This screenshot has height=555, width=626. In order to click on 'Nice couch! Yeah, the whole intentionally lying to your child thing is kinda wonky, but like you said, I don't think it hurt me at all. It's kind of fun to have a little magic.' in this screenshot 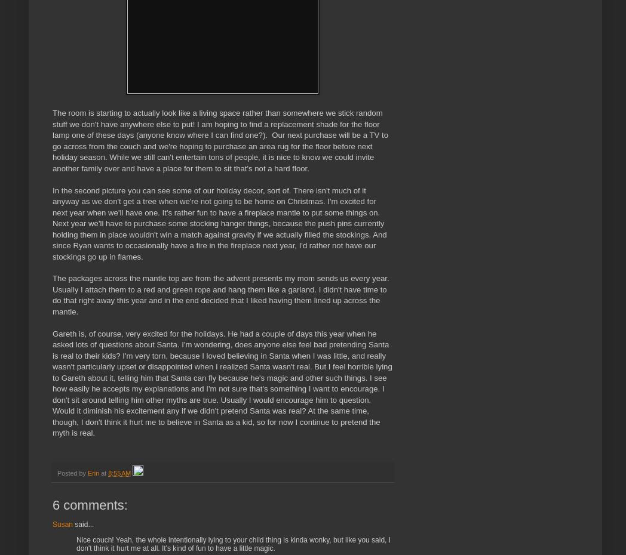, I will do `click(233, 544)`.